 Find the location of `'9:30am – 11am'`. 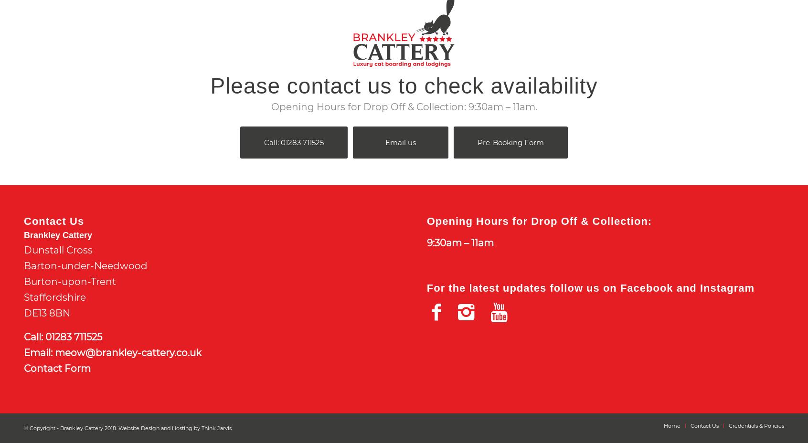

'9:30am – 11am' is located at coordinates (459, 243).